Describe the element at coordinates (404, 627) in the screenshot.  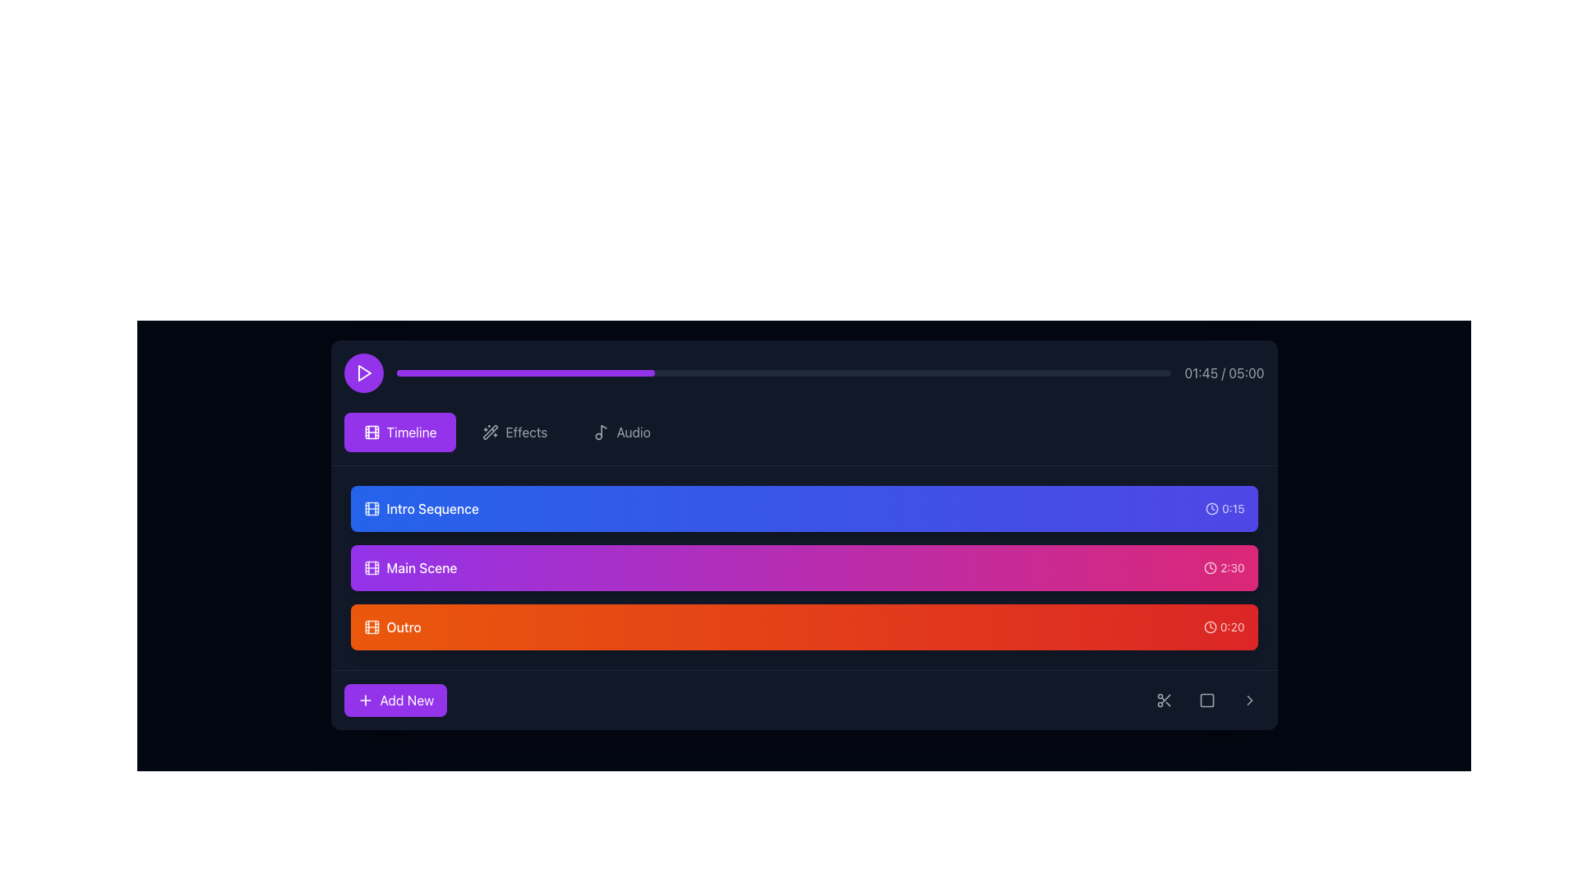
I see `the text label displaying 'Outro' in white font on an orange background, which is the last item in a vertical list, located under 'Main Scene' and above the '+ Add New' button` at that location.